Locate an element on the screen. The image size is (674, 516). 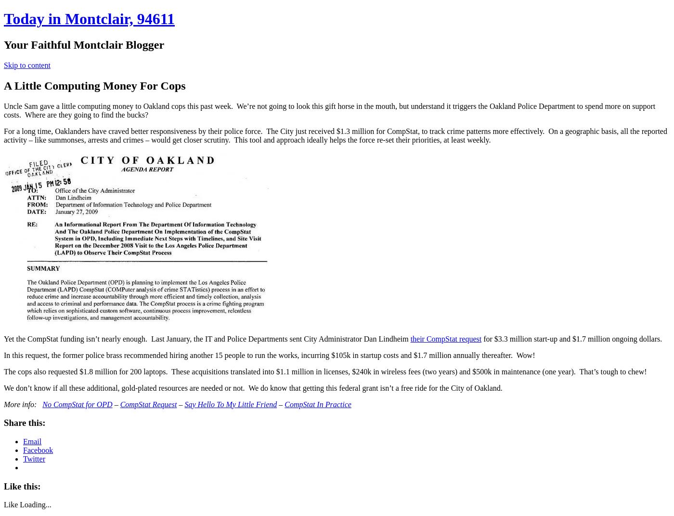
'Say Hello To My Little Friend' is located at coordinates (230, 403).